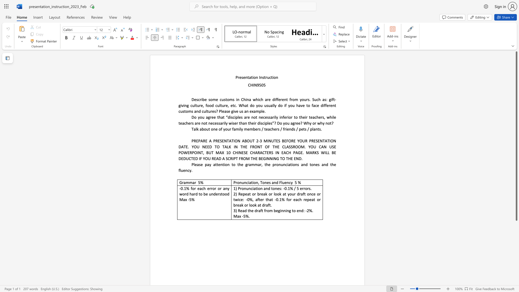 This screenshot has width=519, height=292. I want to click on the scrollbar to move the view down, so click(516, 251).